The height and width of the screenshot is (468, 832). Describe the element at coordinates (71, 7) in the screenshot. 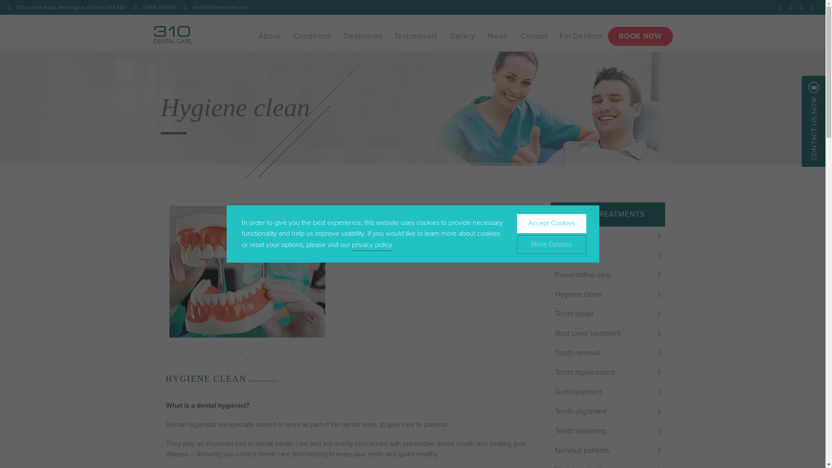

I see `'310 London Road, Headington, Oxford, OX3 8DJ'` at that location.